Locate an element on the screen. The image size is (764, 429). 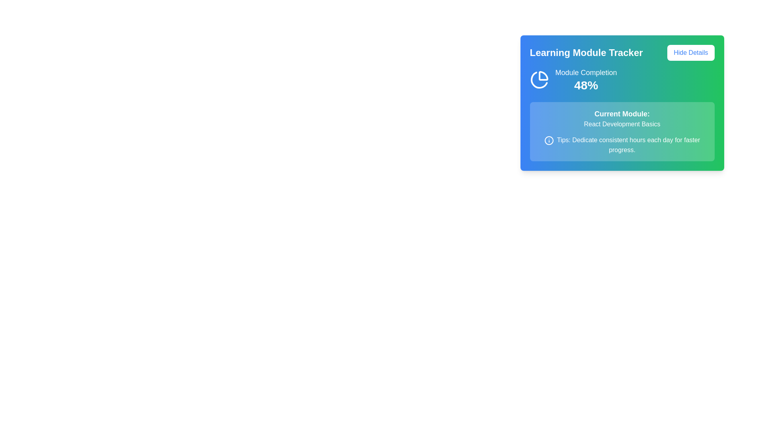
text displayed in the Text Display element indicating the current module, which is 'React Development Basics' is located at coordinates (622, 119).